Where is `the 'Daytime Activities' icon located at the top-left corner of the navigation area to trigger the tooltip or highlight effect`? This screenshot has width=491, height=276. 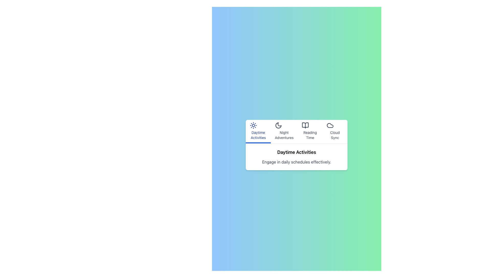 the 'Daytime Activities' icon located at the top-left corner of the navigation area to trigger the tooltip or highlight effect is located at coordinates (253, 125).